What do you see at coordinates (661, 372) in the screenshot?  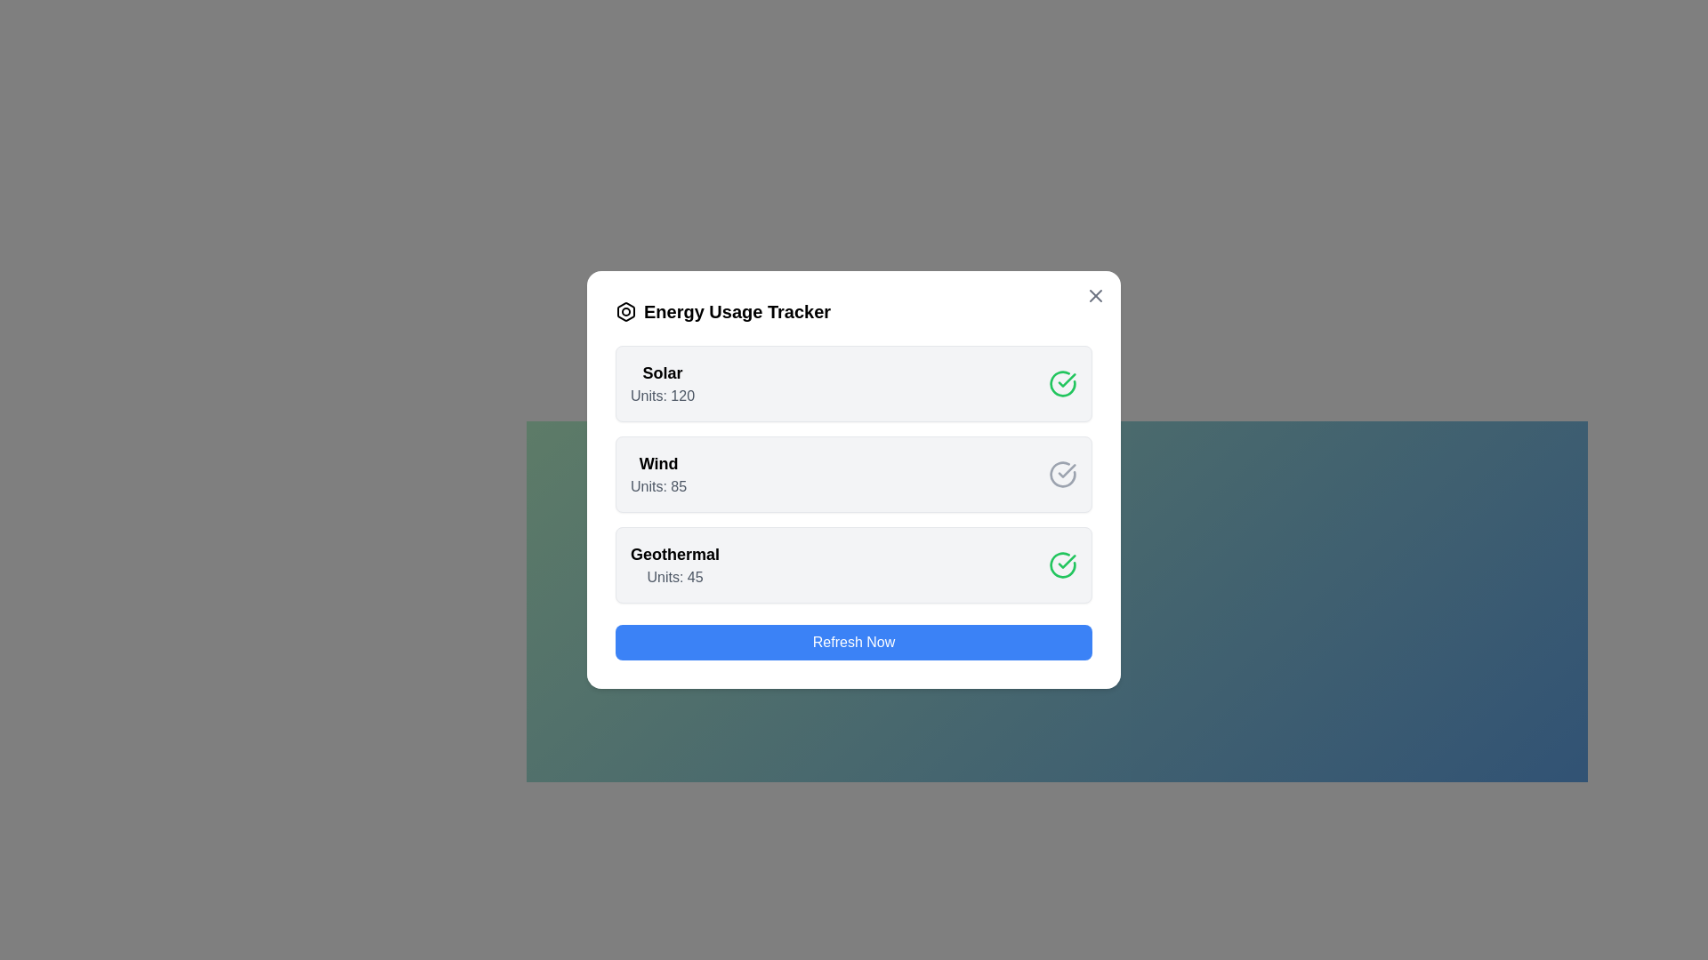 I see `the 'Solar' text label, which identifies the energy category within the first section of the energy sources list, positioned above the 'Units: 120' label` at bounding box center [661, 372].